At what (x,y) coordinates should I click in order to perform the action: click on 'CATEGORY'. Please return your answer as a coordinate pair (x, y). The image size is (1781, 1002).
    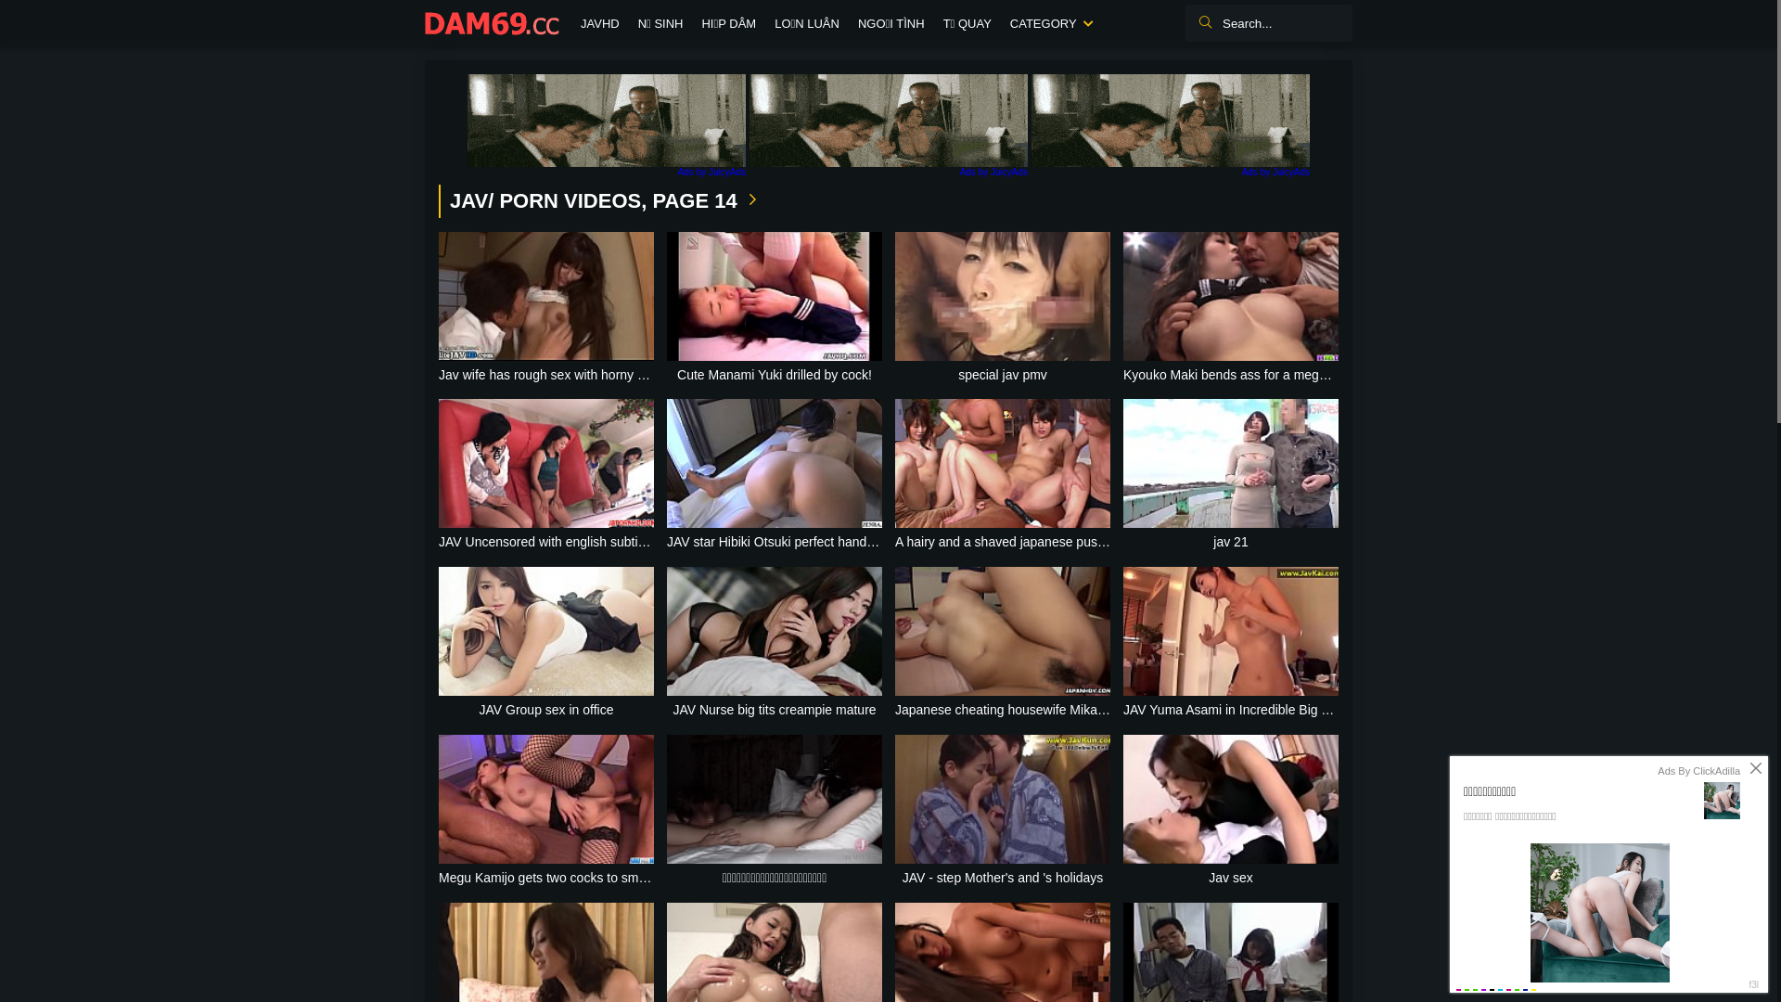
    Looking at the image, I should click on (1050, 24).